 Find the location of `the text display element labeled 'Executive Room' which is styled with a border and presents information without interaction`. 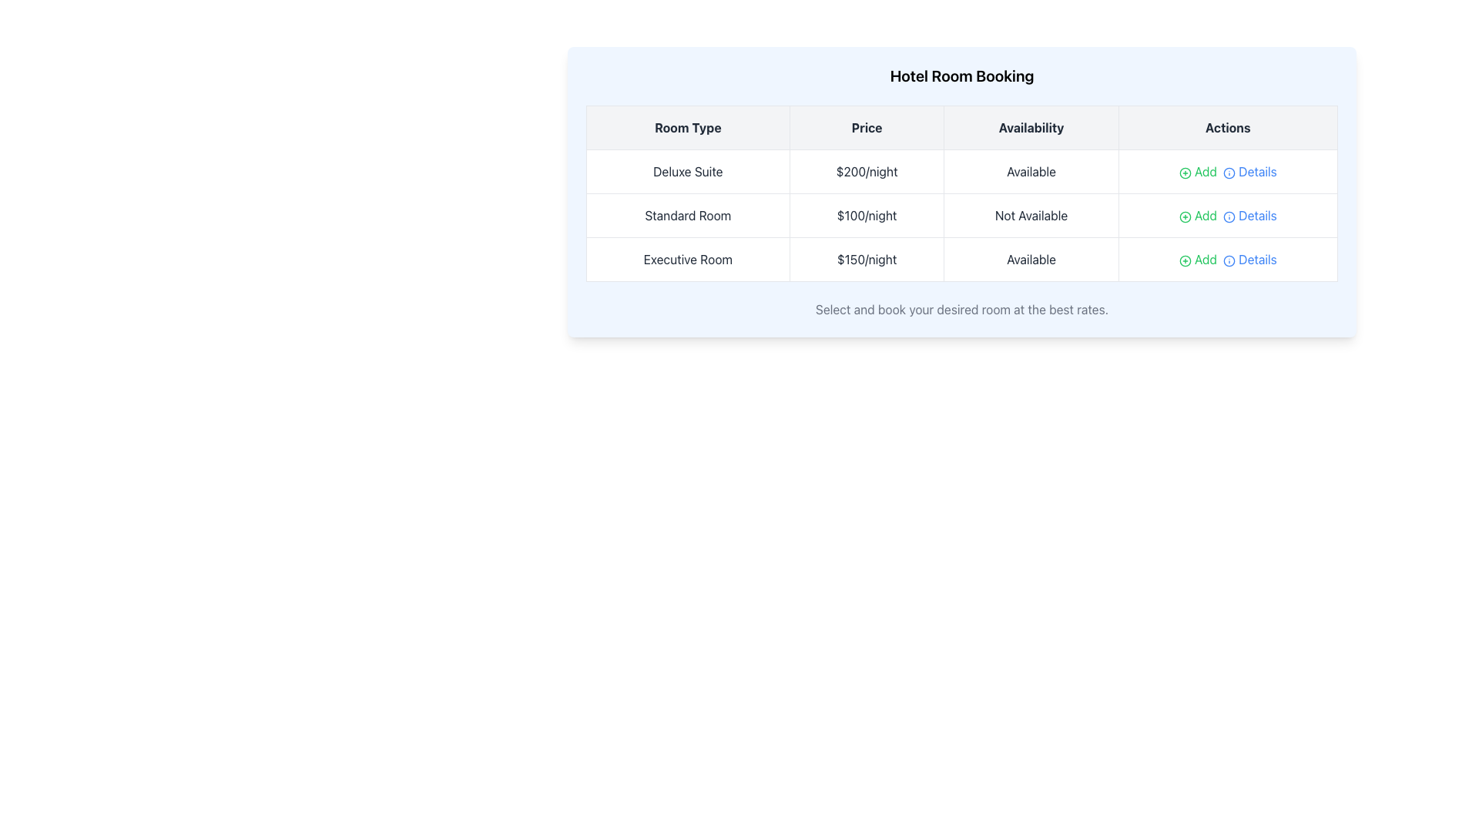

the text display element labeled 'Executive Room' which is styled with a border and presents information without interaction is located at coordinates (687, 258).